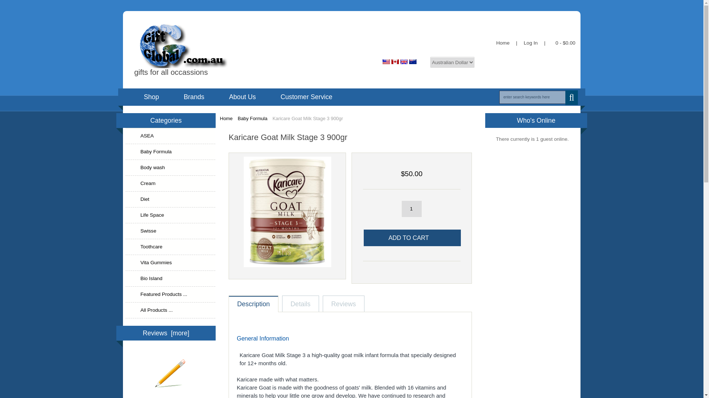 The height and width of the screenshot is (398, 709). What do you see at coordinates (301, 304) in the screenshot?
I see `'Details'` at bounding box center [301, 304].